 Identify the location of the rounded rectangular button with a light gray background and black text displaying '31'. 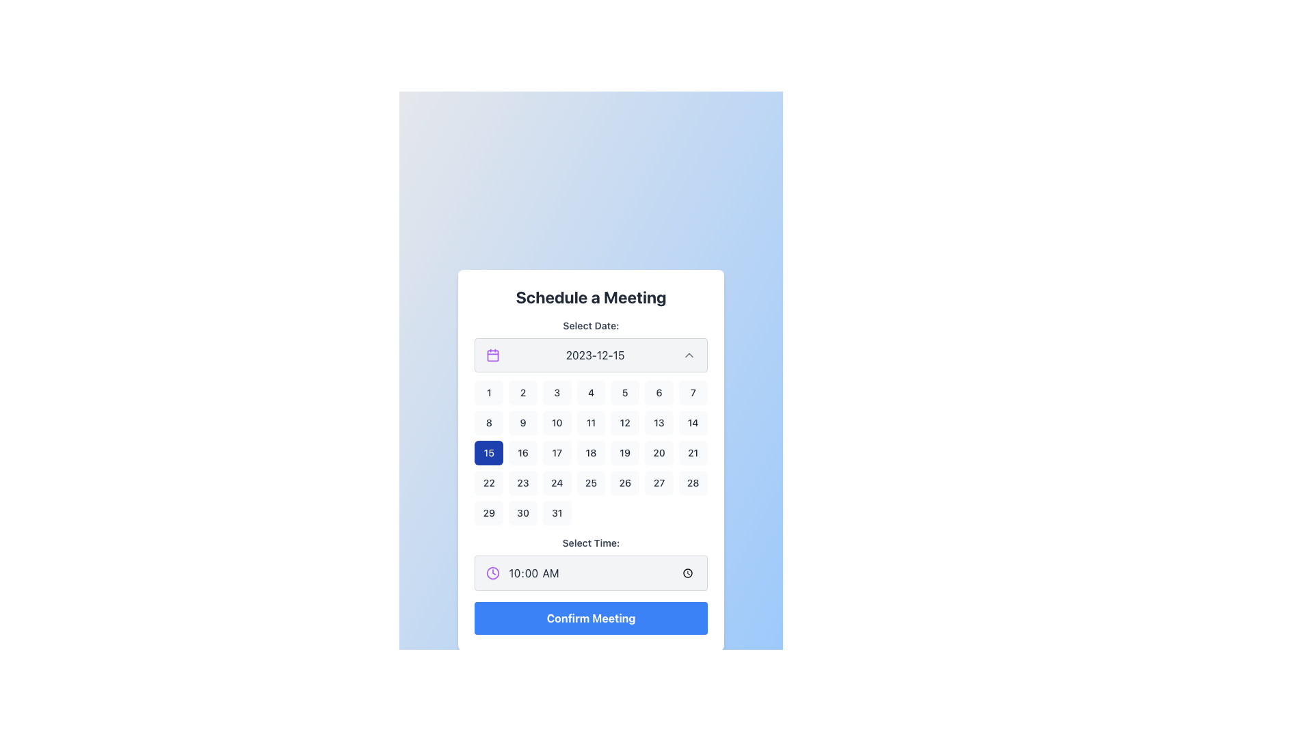
(557, 513).